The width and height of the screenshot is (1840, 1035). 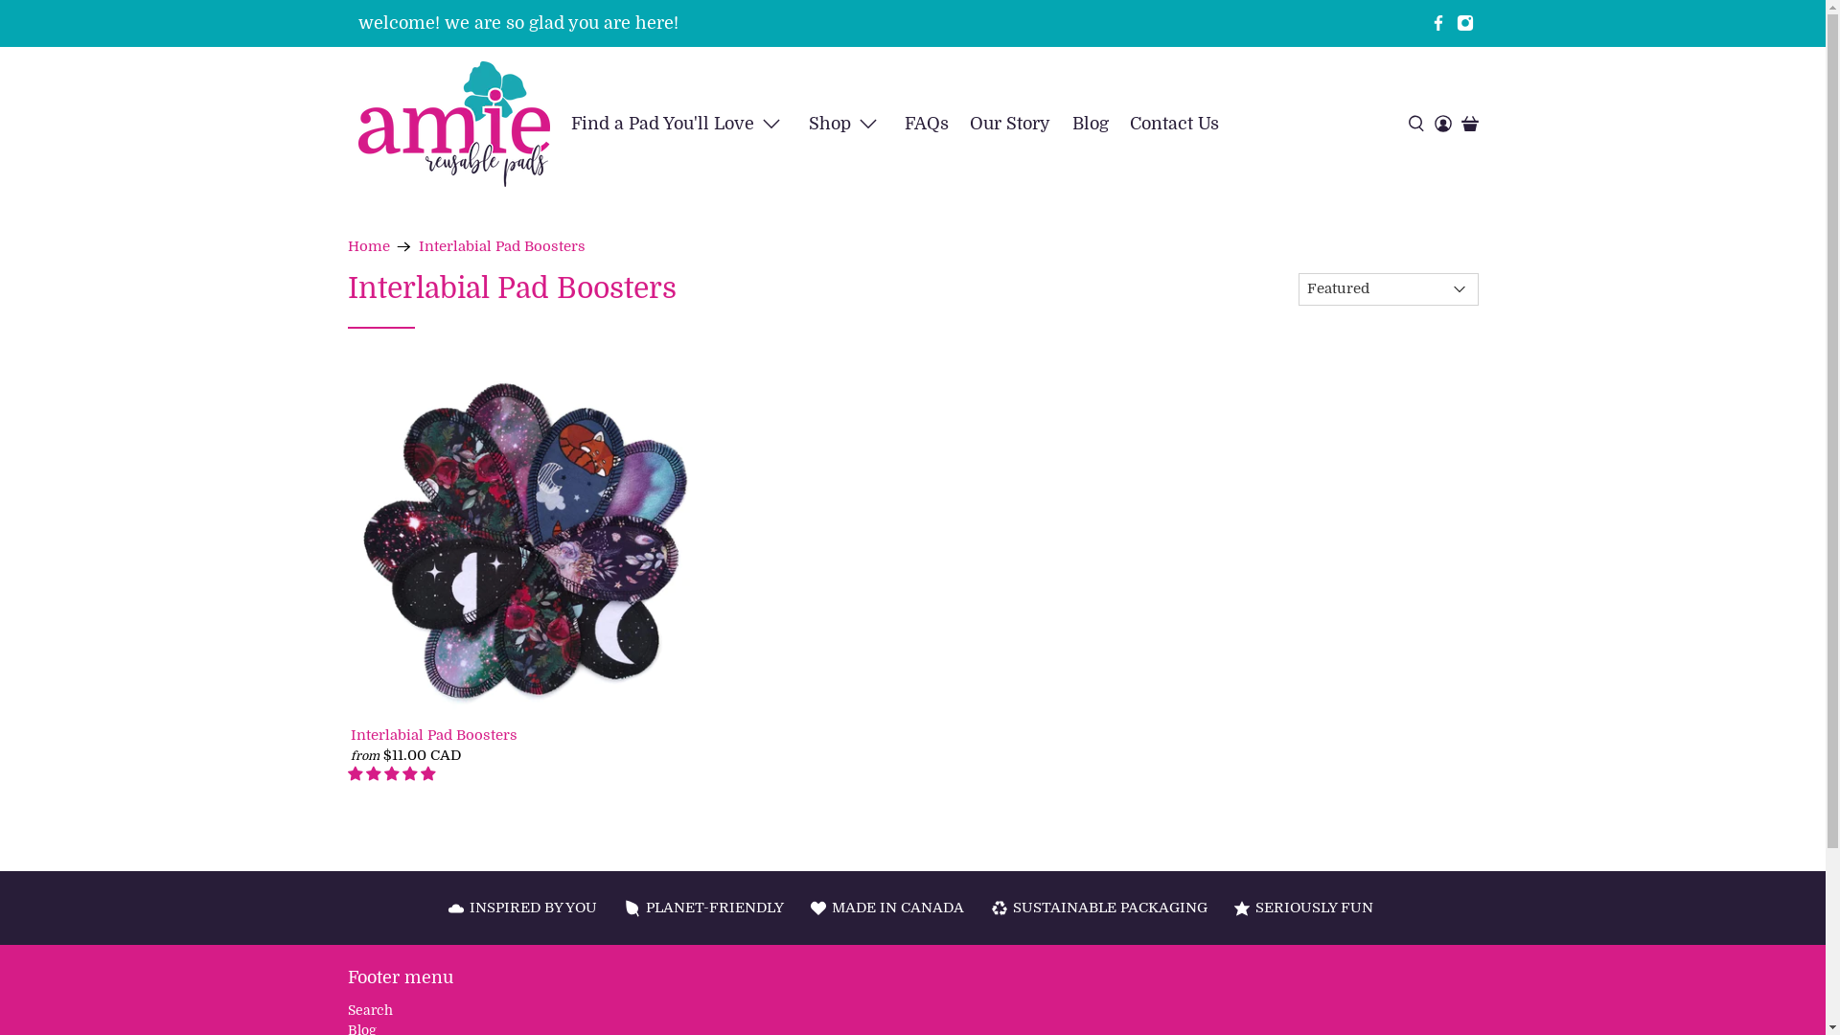 I want to click on 'Find a Pad You'll Love', so click(x=678, y=124).